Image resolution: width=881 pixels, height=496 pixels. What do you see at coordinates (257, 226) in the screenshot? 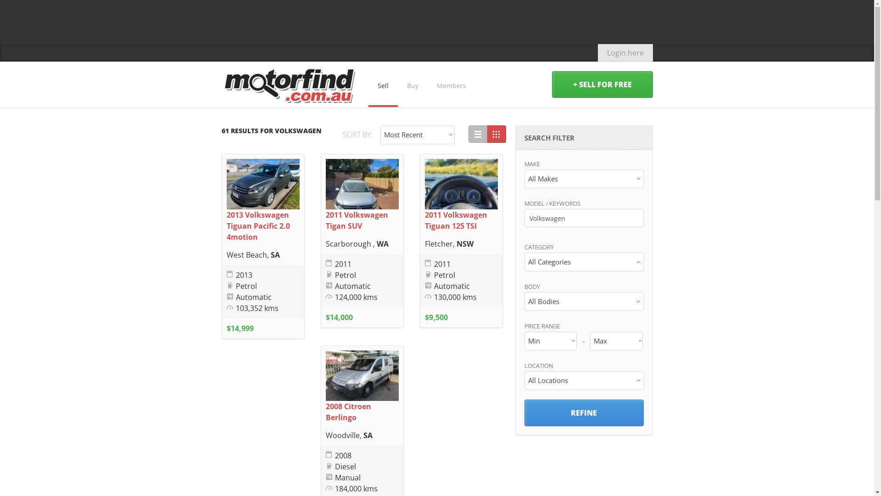
I see `'2013 Volkswagen Tiguan Pacific 2.0 4motion'` at bounding box center [257, 226].